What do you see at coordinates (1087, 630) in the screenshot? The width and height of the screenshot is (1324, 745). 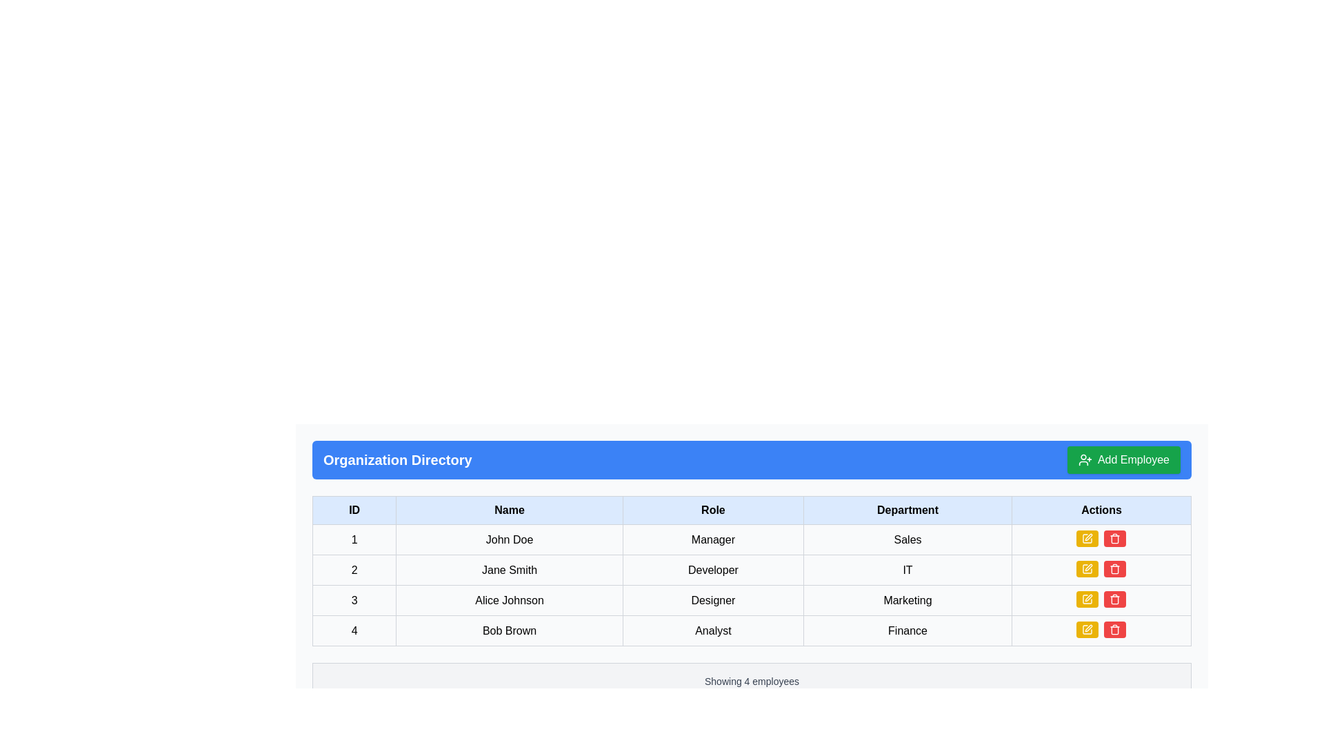 I see `the 'edit' icon located inside the yellow button in the 'Actions' column of the last row ('Finance') of the table under the header 'Organization Directory'` at bounding box center [1087, 630].